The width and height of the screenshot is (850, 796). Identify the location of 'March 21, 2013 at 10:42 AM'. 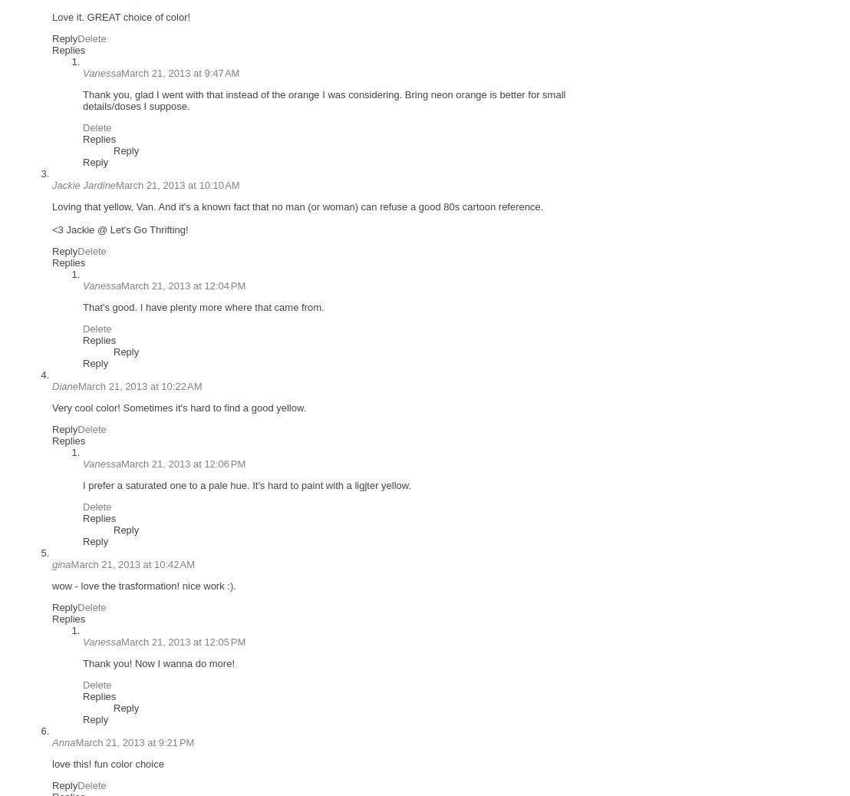
(131, 564).